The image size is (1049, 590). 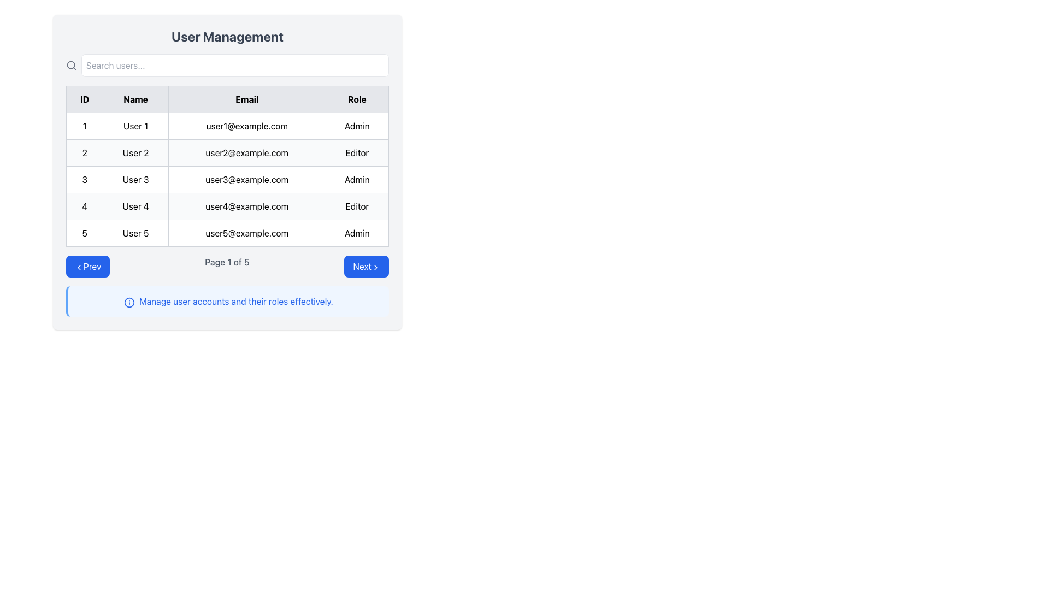 I want to click on the static text cell labeled 'Editor' in the fourth row, last column of the data table, which is surrounded by a thin gray border and has a light gray background, so click(x=357, y=206).